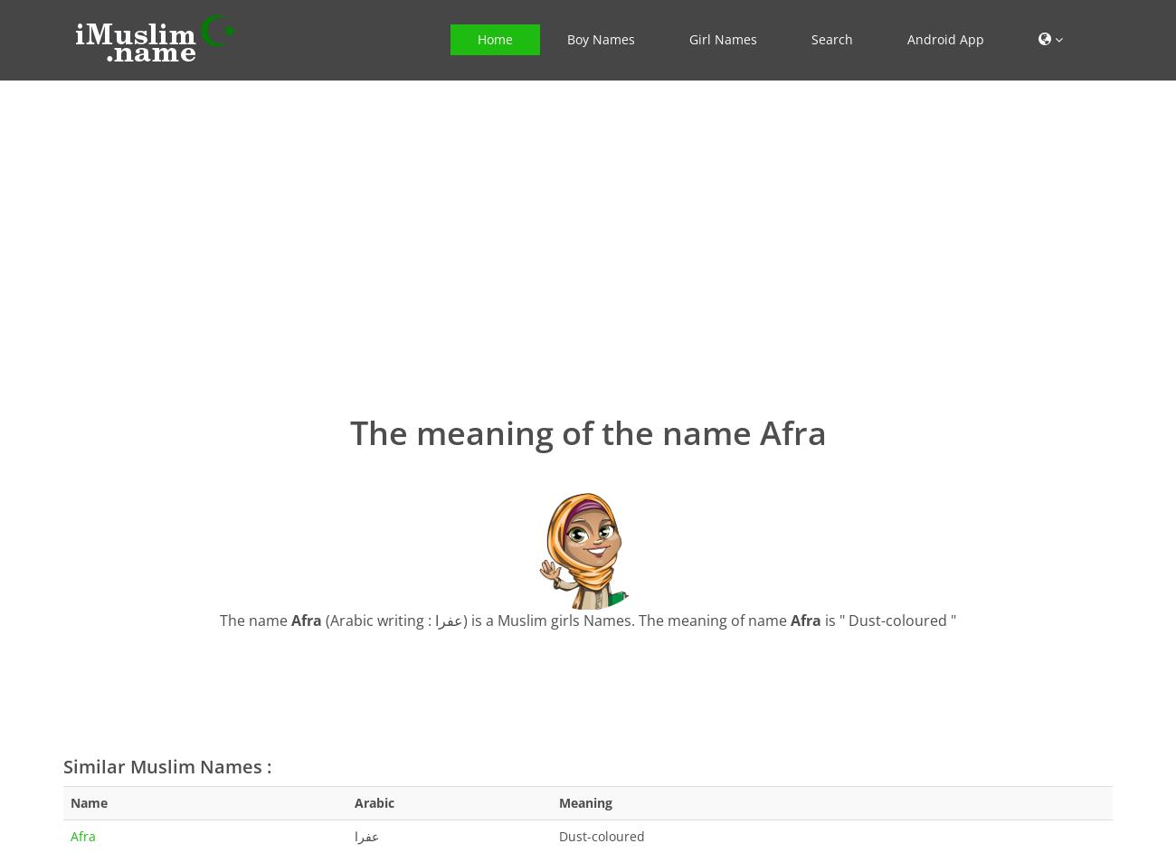 The height and width of the screenshot is (853, 1176). Describe the element at coordinates (320, 618) in the screenshot. I see `'(Arabic writing : عفرا) is a Muslim girls Names. The meaning of name'` at that location.